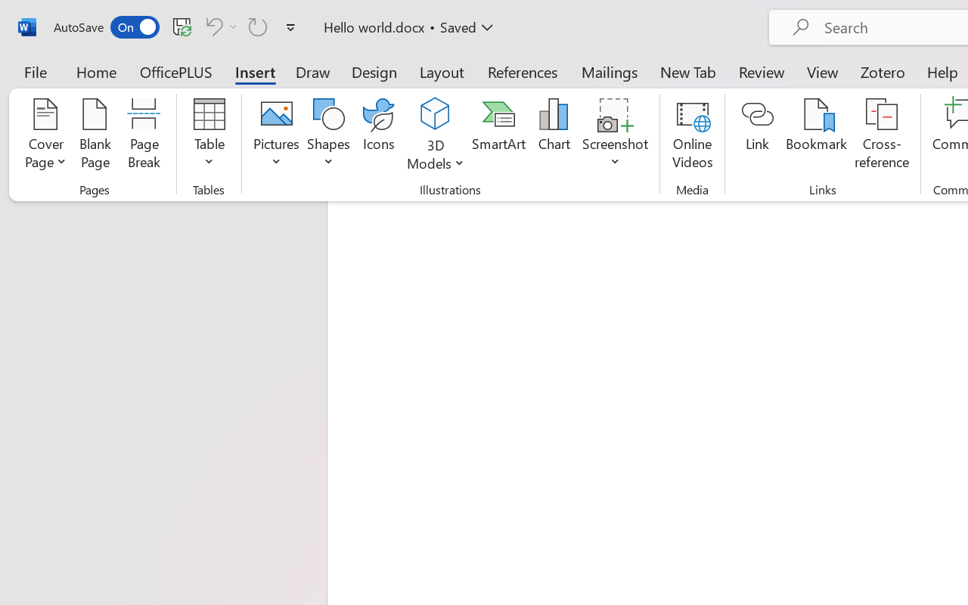 The image size is (968, 605). I want to click on 'Zotero', so click(883, 71).